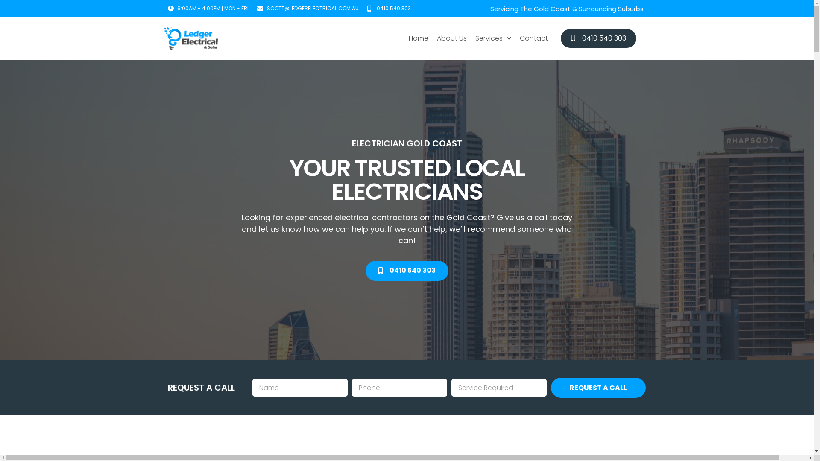  Describe the element at coordinates (533, 38) in the screenshot. I see `'Contact'` at that location.